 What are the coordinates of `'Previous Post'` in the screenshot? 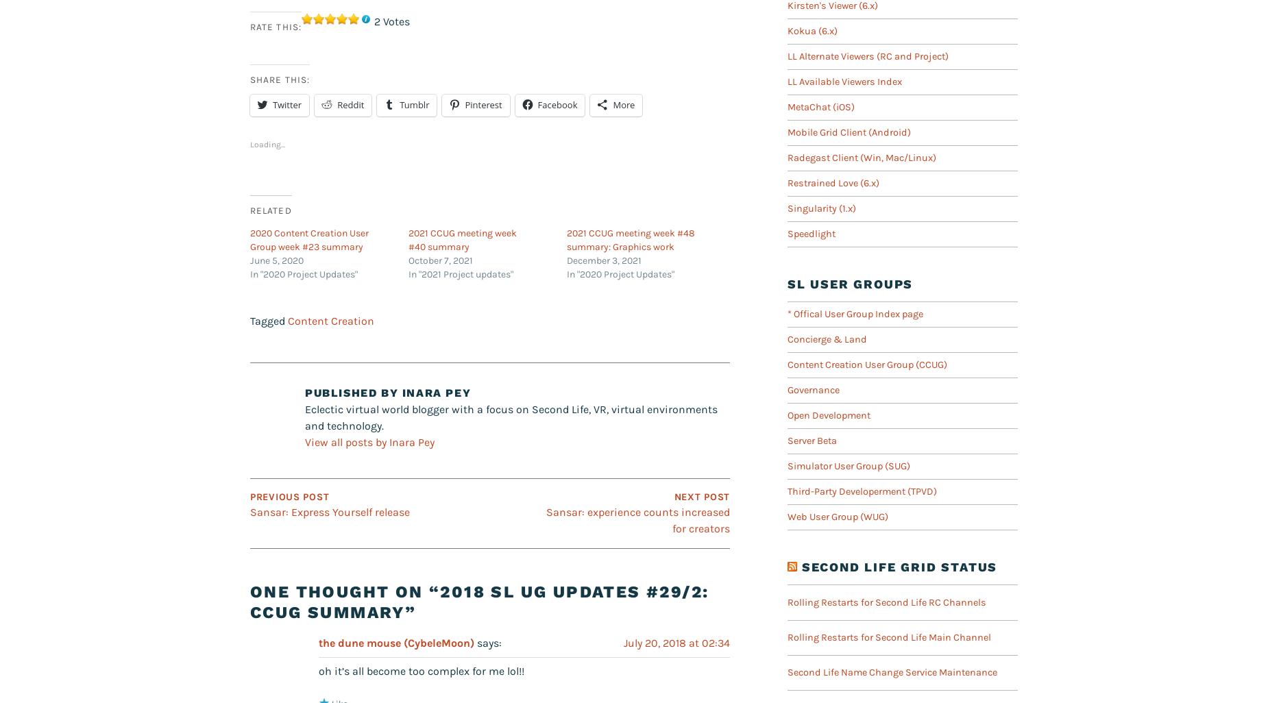 It's located at (289, 496).